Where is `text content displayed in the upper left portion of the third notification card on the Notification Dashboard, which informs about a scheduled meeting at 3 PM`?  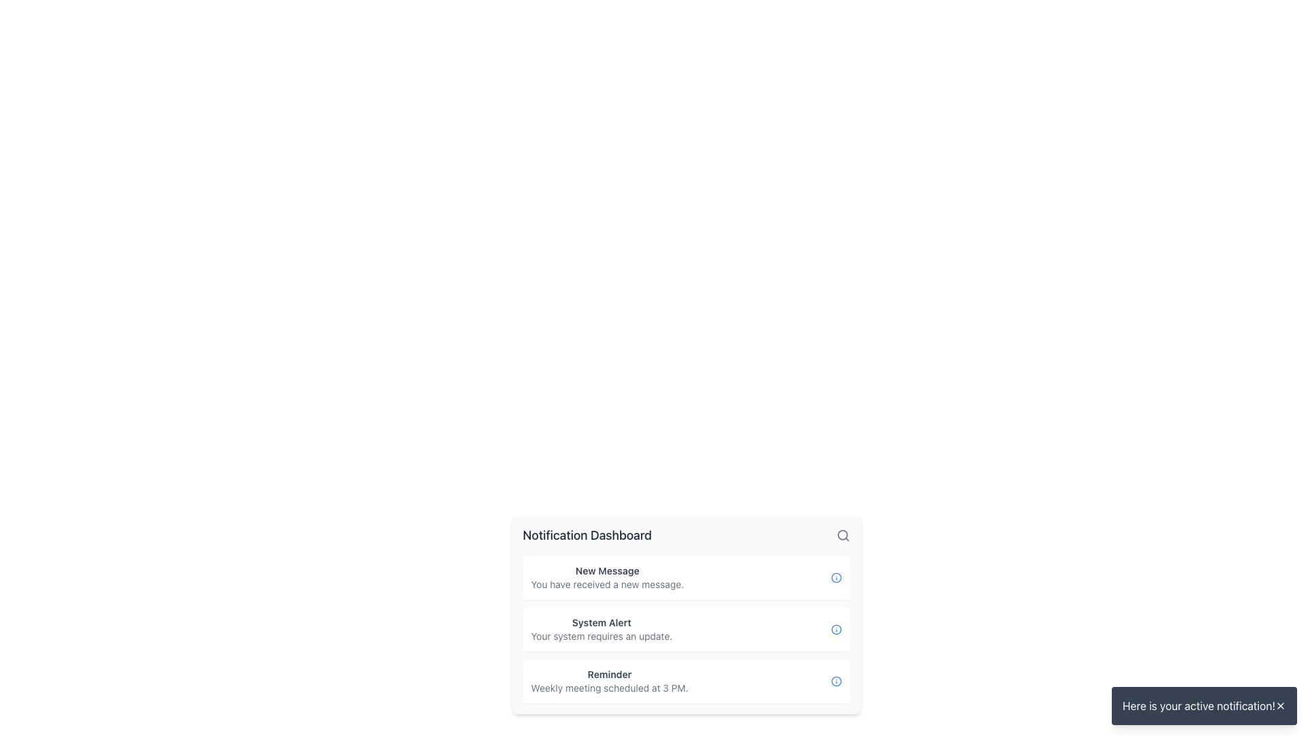 text content displayed in the upper left portion of the third notification card on the Notification Dashboard, which informs about a scheduled meeting at 3 PM is located at coordinates (608, 681).